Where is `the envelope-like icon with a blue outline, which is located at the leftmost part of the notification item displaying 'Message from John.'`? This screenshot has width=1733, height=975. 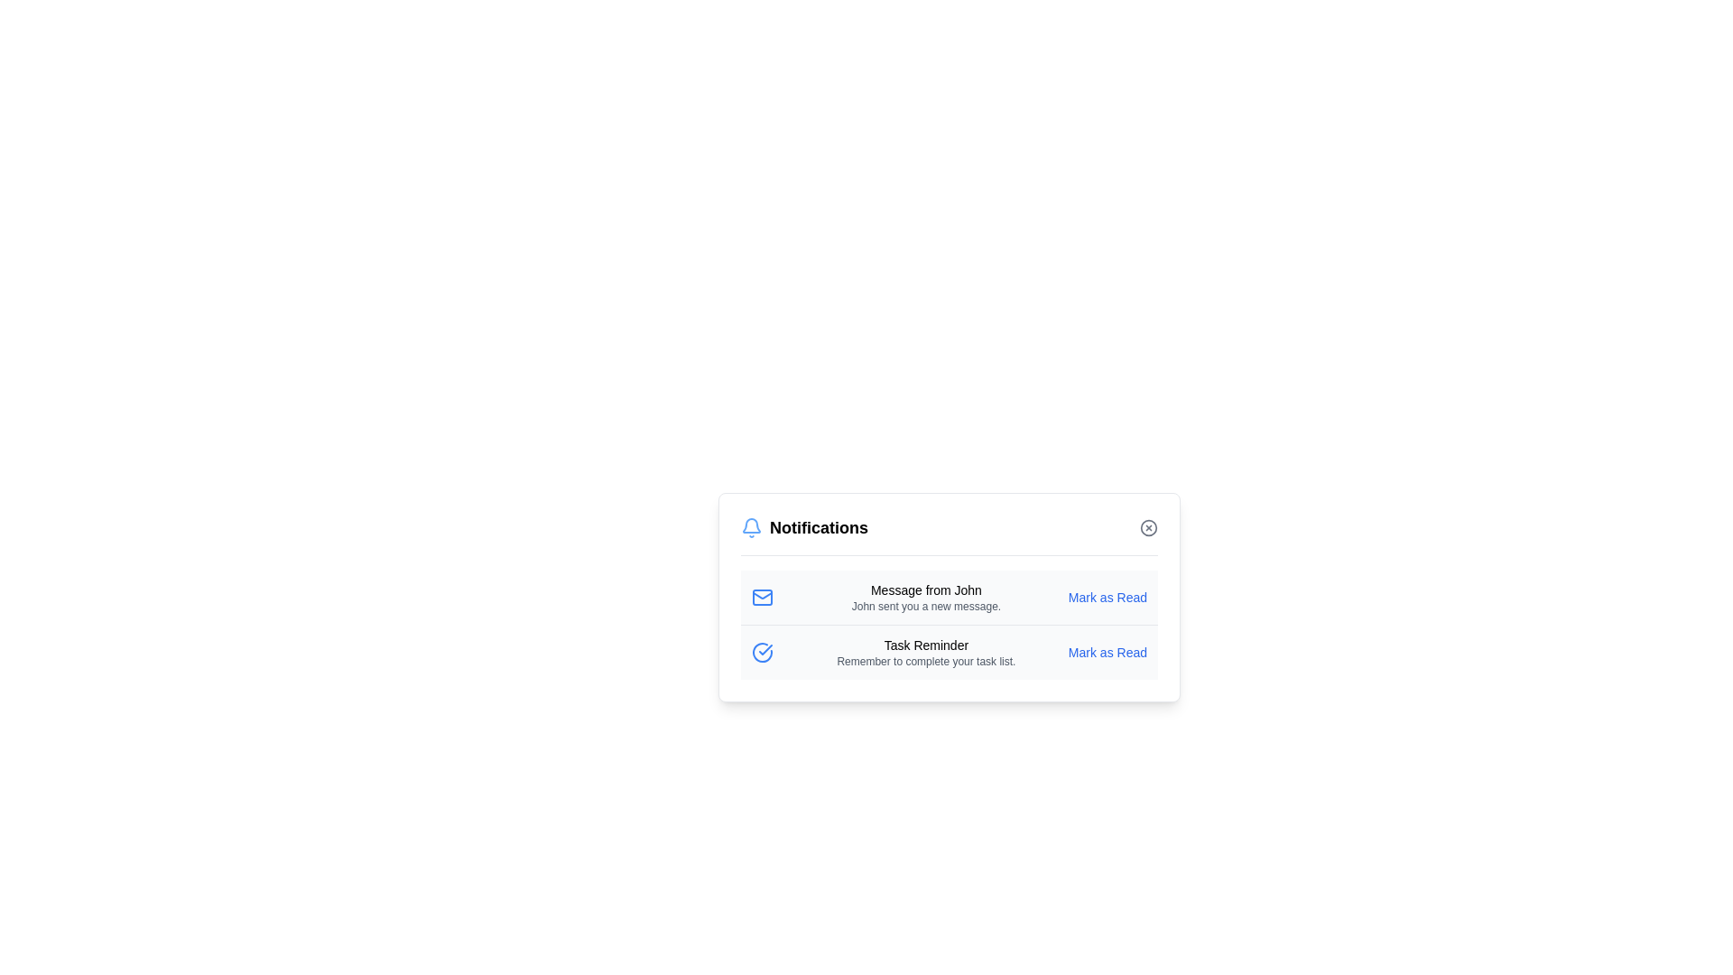 the envelope-like icon with a blue outline, which is located at the leftmost part of the notification item displaying 'Message from John.' is located at coordinates (762, 598).